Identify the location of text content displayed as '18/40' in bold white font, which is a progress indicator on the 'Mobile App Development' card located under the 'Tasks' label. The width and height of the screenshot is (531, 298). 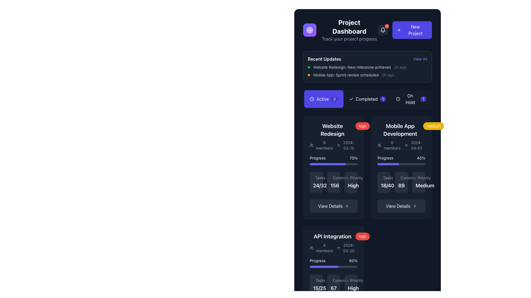
(384, 182).